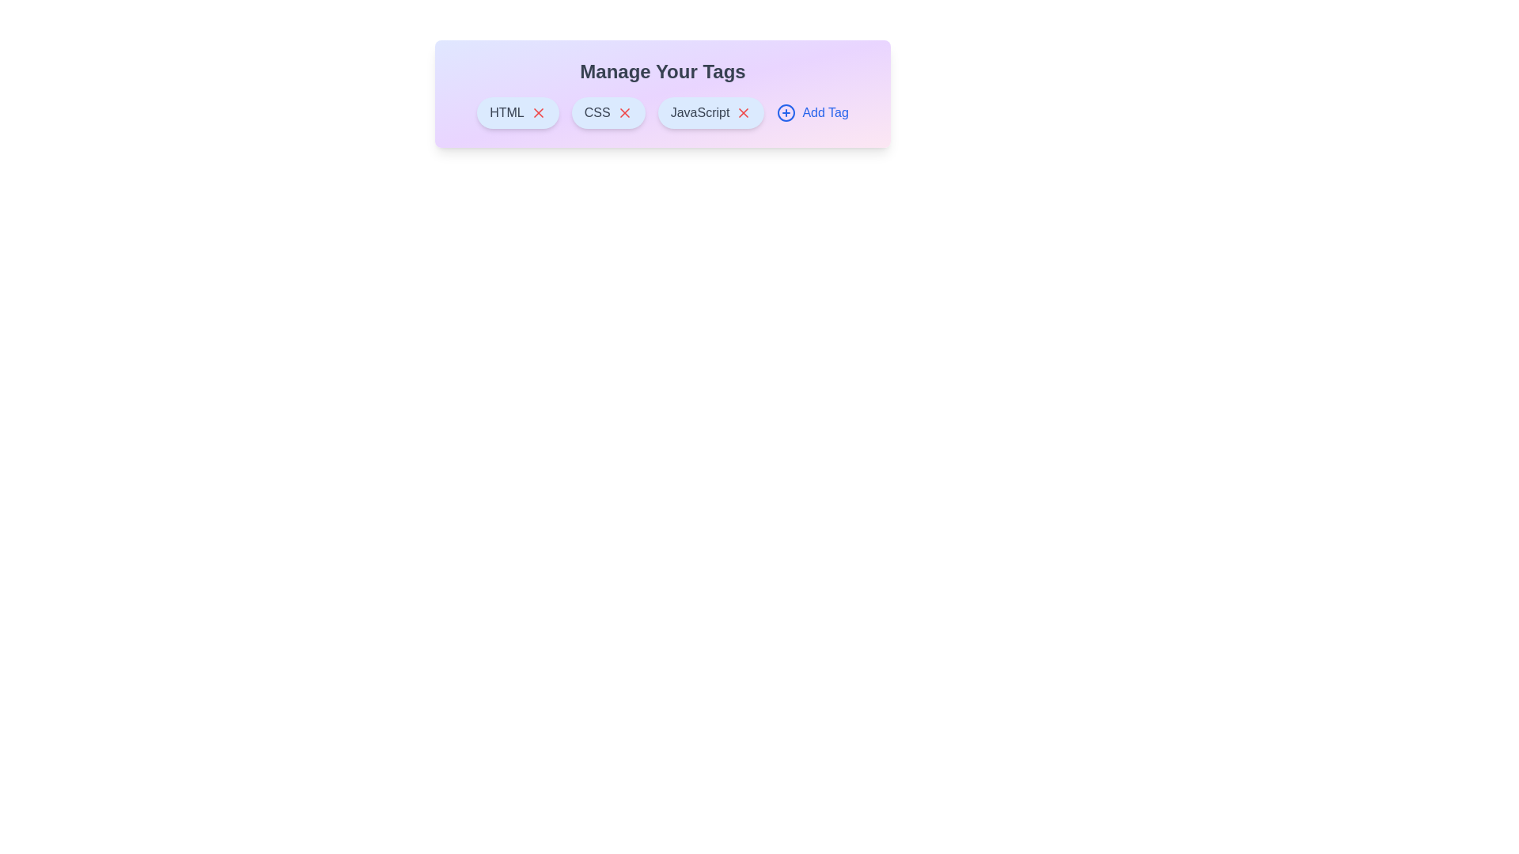 This screenshot has width=1519, height=854. Describe the element at coordinates (743, 111) in the screenshot. I see `the close button of the tag labeled JavaScript to remove it` at that location.